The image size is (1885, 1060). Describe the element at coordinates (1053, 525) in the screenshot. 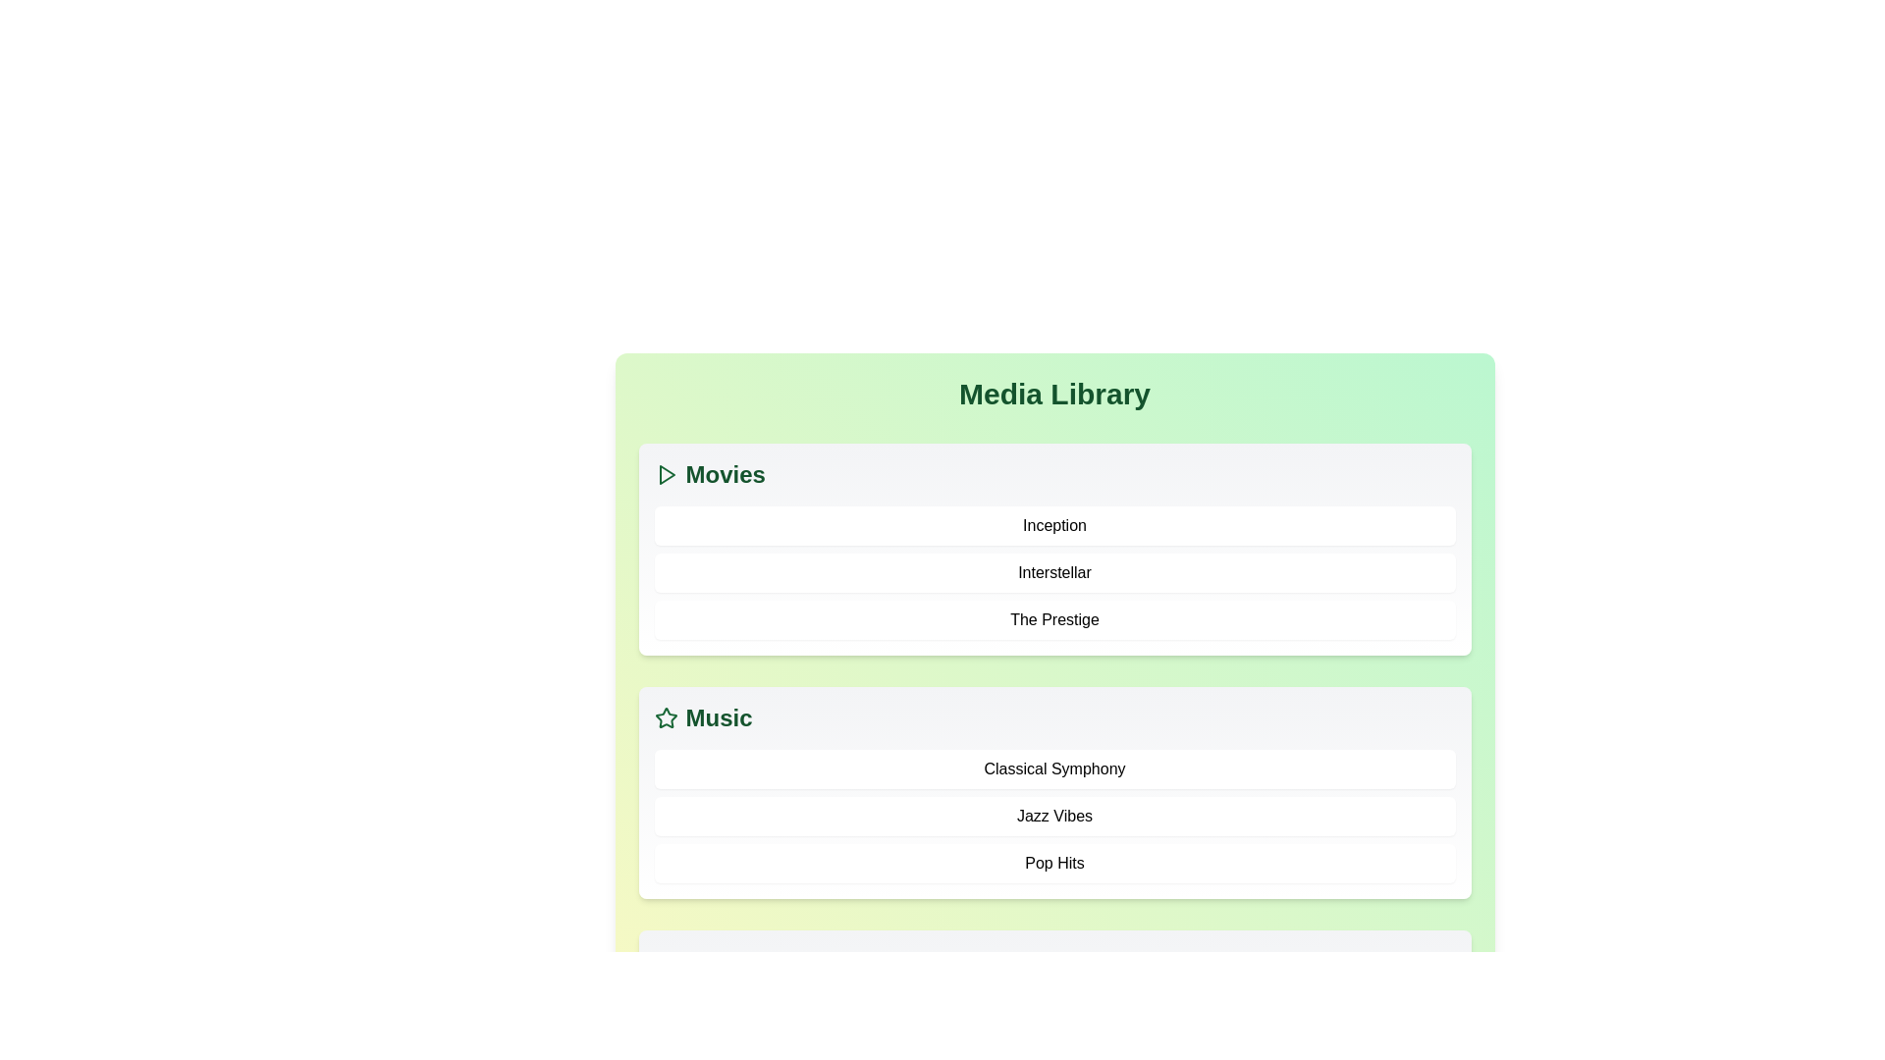

I see `the movie Inception from the Movies category` at that location.